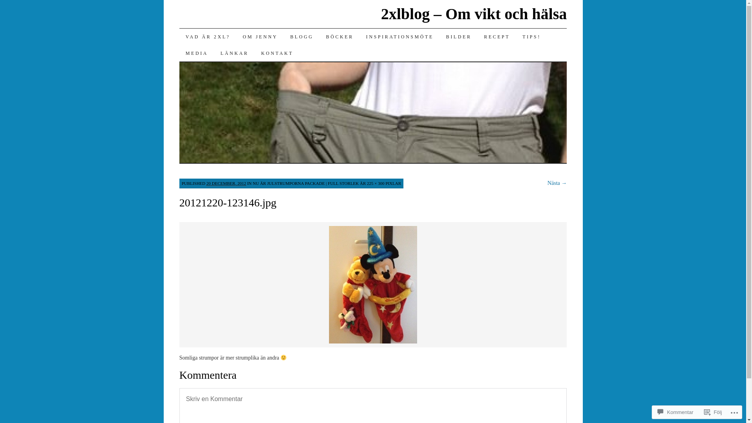 The height and width of the screenshot is (423, 752). Describe the element at coordinates (260, 36) in the screenshot. I see `'OM JENNY'` at that location.